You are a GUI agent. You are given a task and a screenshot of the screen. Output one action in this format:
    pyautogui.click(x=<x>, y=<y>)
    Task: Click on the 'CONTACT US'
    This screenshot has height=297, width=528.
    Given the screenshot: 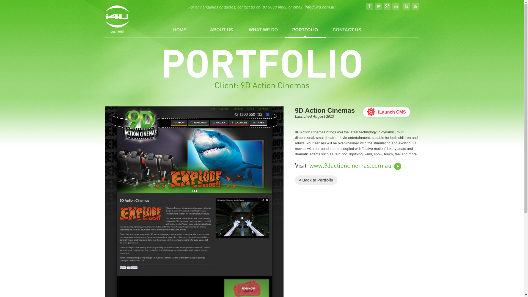 What is the action you would take?
    pyautogui.click(x=346, y=30)
    